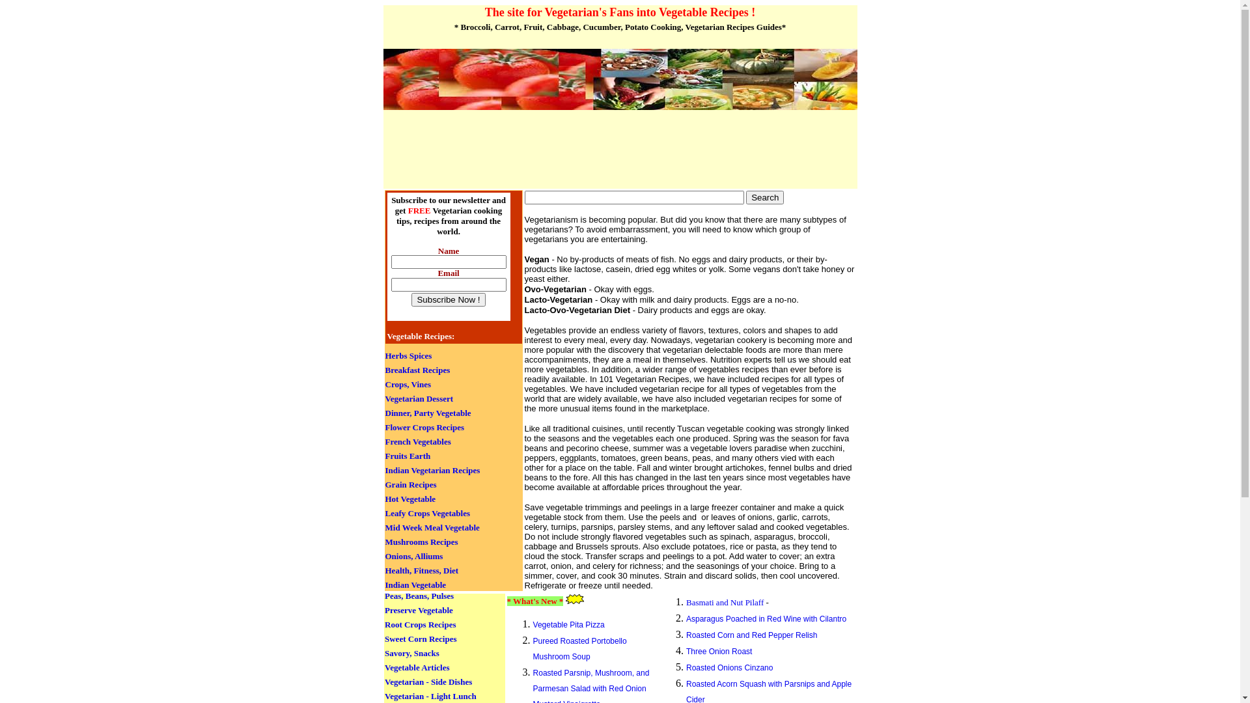 The height and width of the screenshot is (703, 1250). Describe the element at coordinates (432, 527) in the screenshot. I see `'Mid Week Meal Vegetable'` at that location.